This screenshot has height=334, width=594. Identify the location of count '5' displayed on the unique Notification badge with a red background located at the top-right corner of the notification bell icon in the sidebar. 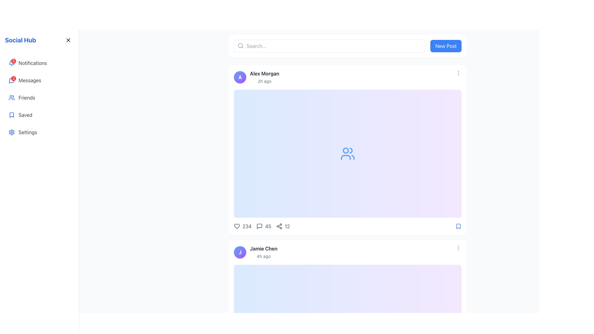
(13, 61).